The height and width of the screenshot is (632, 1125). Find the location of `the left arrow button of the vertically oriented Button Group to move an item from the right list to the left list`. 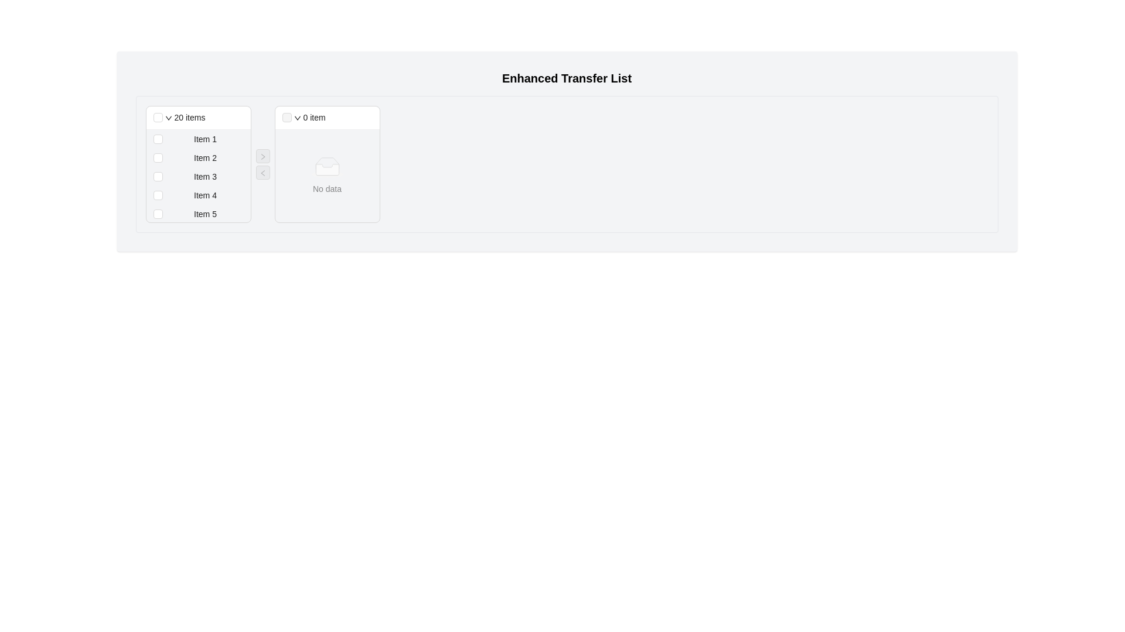

the left arrow button of the vertically oriented Button Group to move an item from the right list to the left list is located at coordinates (262, 164).